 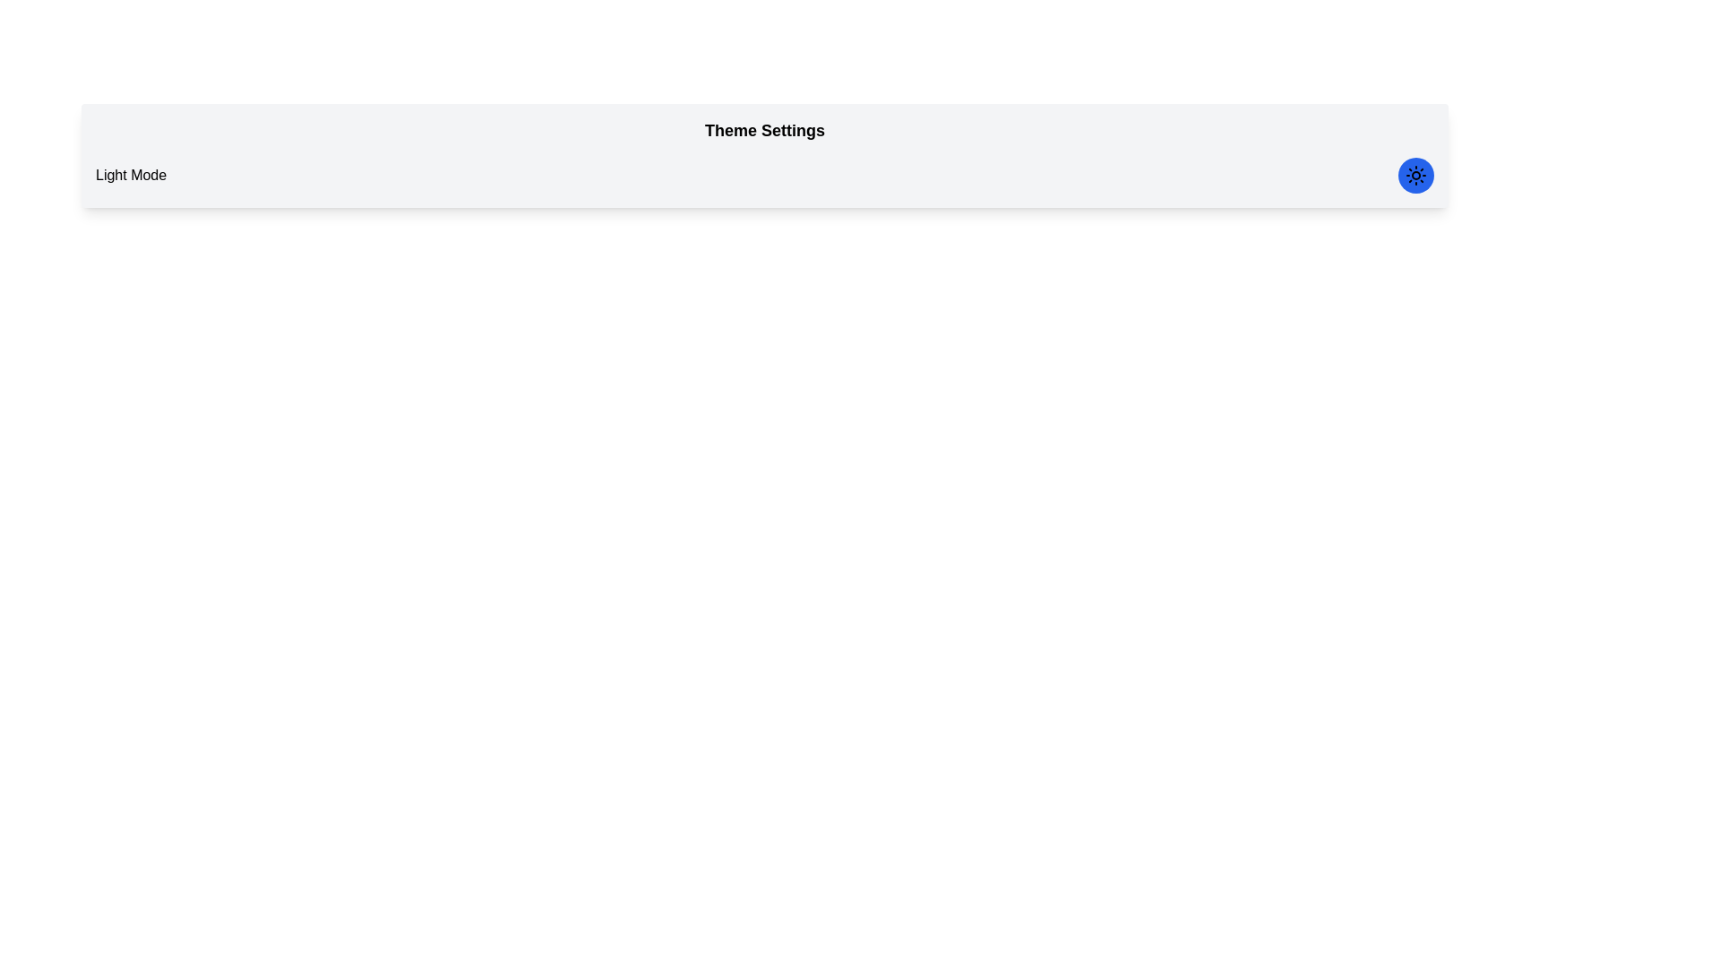 What do you see at coordinates (130, 176) in the screenshot?
I see `text label that says 'Light Mode', which is positioned on the left side of the navigation bar with black text on a light gray background` at bounding box center [130, 176].